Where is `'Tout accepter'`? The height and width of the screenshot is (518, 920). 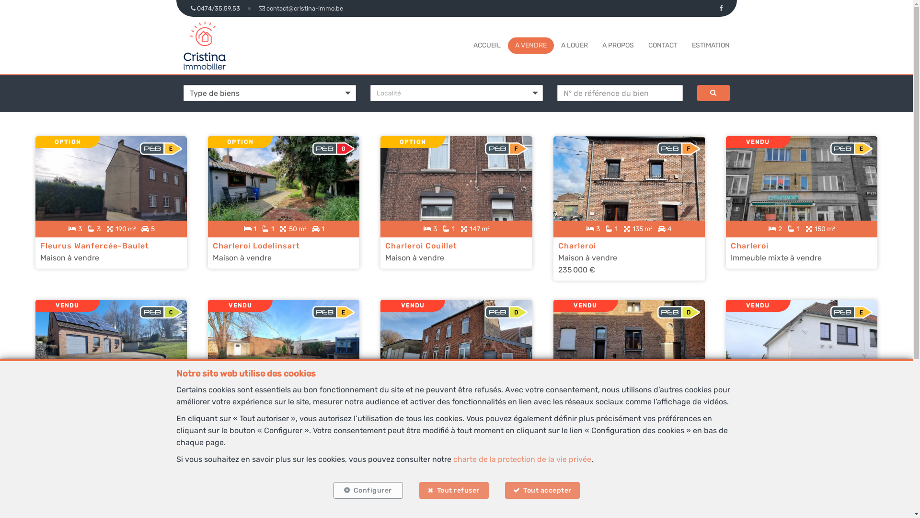 'Tout accepter' is located at coordinates (542, 490).